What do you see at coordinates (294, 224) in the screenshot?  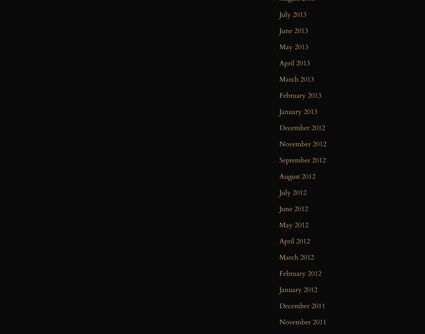 I see `'May 2012'` at bounding box center [294, 224].